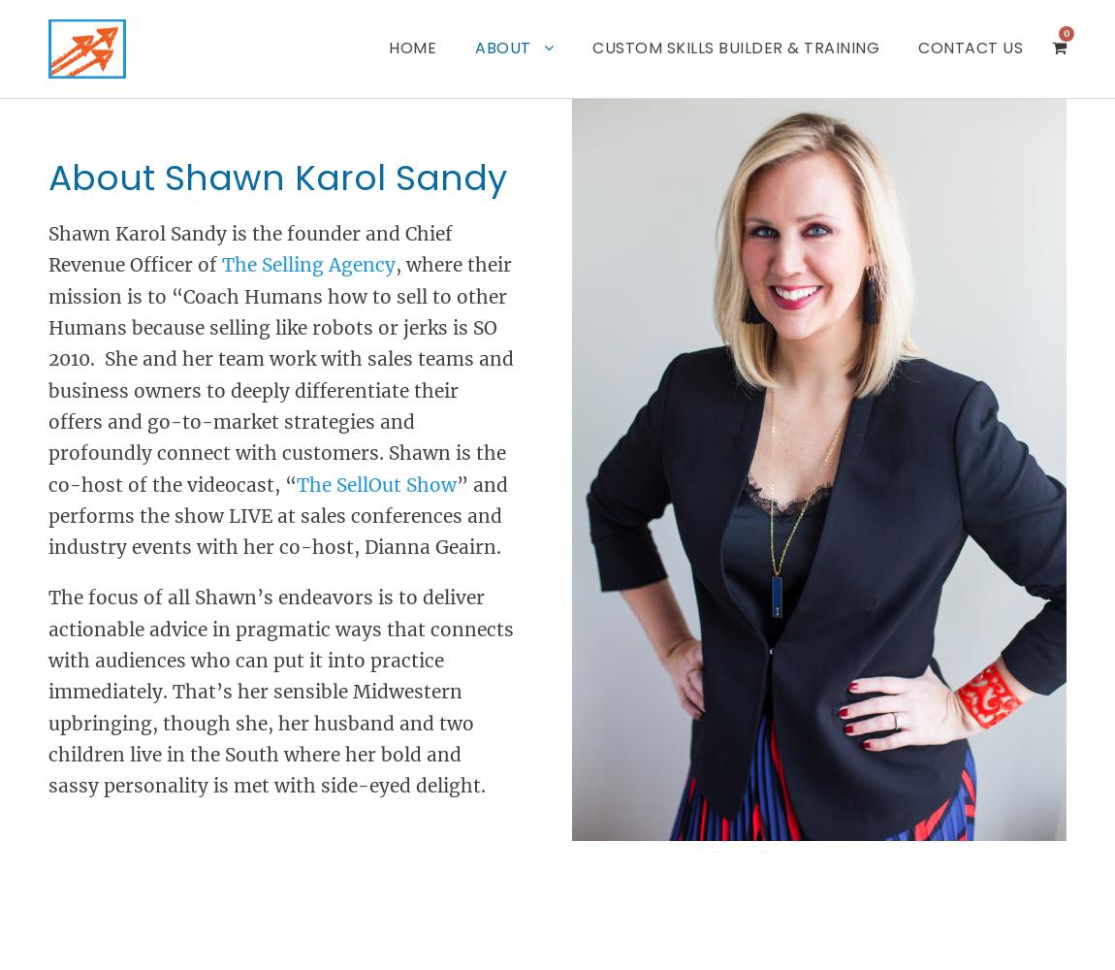  I want to click on 'The focus of all Shawn’s endeavors is to deliver actionable advice in pragmatic ways that connects with audiences who can put it into practice immediately. That’s her sensible Midwestern upbringing, though she, her husband and two children live in the South where her bold and sassy personality is met with side-eyed delight.', so click(281, 691).